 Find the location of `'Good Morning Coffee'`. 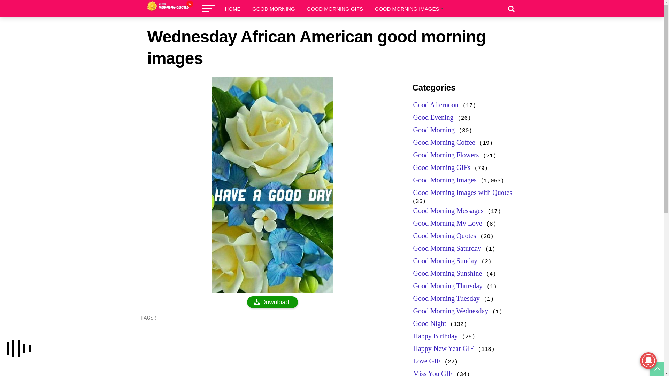

'Good Morning Coffee' is located at coordinates (444, 142).